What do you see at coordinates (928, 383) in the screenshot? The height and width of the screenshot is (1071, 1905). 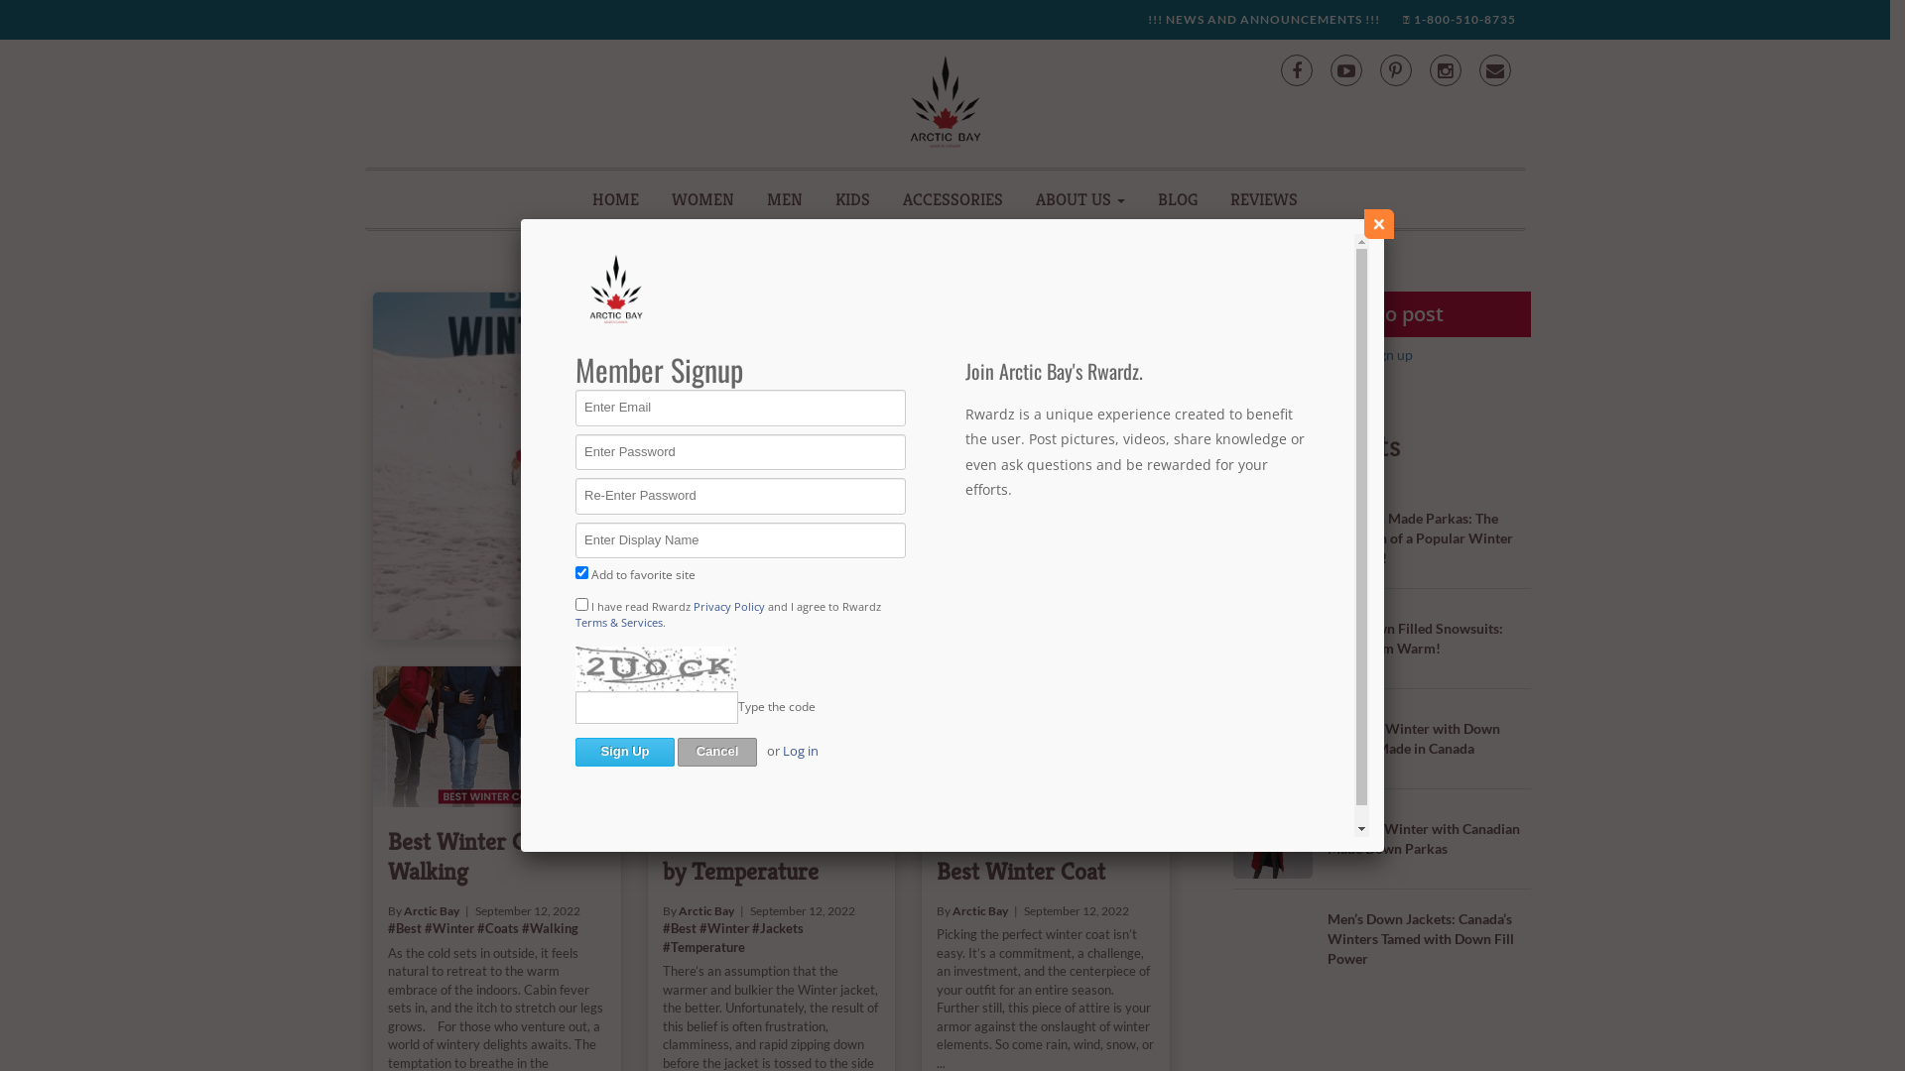 I see `'#Winter'` at bounding box center [928, 383].